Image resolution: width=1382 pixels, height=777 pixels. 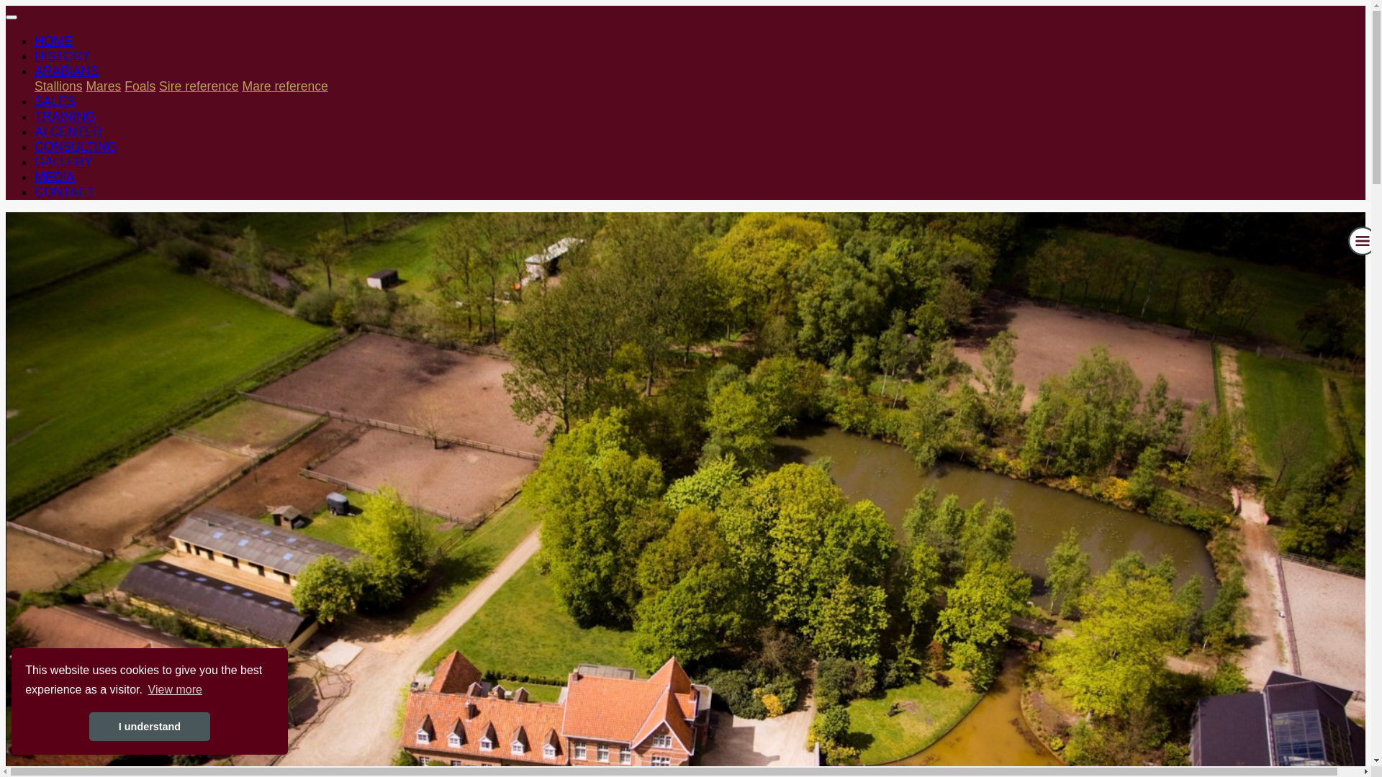 I want to click on 'Mare reference', so click(x=285, y=86).